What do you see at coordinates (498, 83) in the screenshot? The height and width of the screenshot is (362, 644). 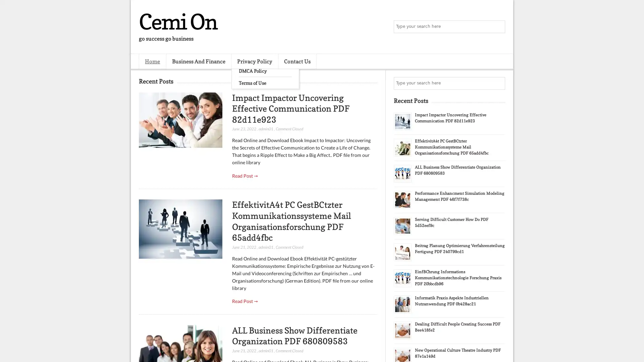 I see `Search` at bounding box center [498, 83].